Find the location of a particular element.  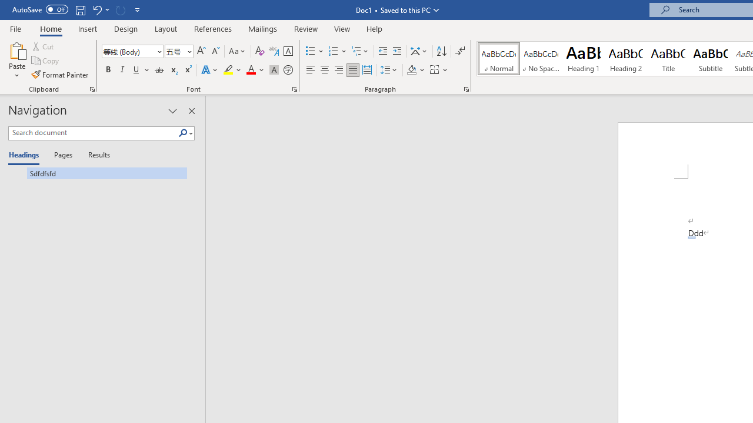

'Text Highlight Color Yellow' is located at coordinates (228, 70).